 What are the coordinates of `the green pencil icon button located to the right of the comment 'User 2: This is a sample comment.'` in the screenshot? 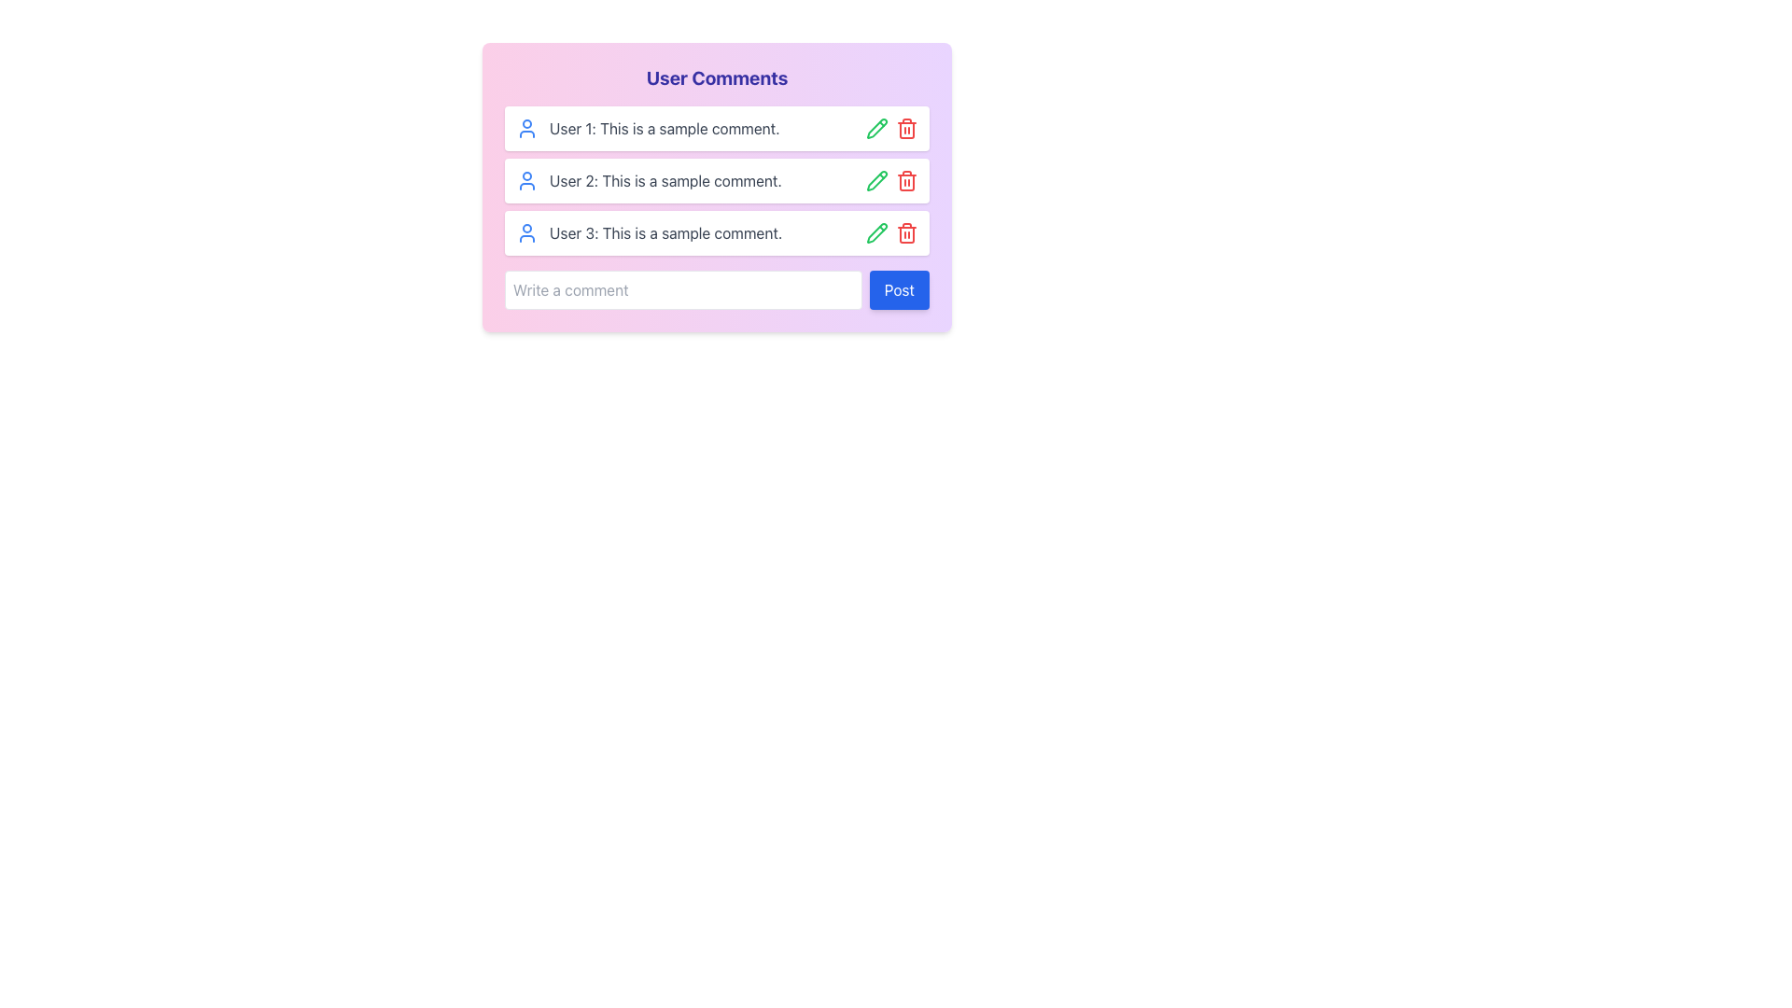 It's located at (876, 180).